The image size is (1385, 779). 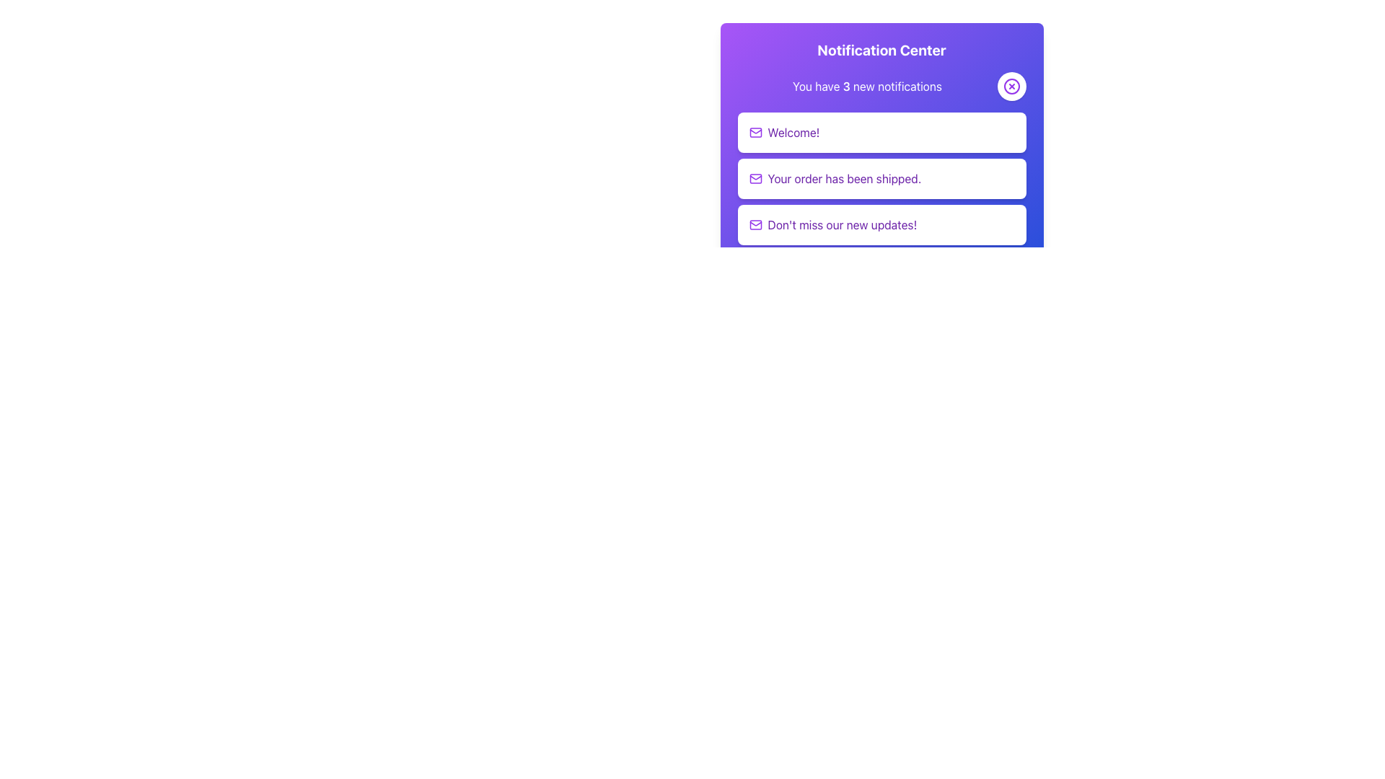 What do you see at coordinates (844, 177) in the screenshot?
I see `text content of the notification card displaying 'Your order has been shipped.' which is centered within a white rectangular card in a purple notification panel` at bounding box center [844, 177].